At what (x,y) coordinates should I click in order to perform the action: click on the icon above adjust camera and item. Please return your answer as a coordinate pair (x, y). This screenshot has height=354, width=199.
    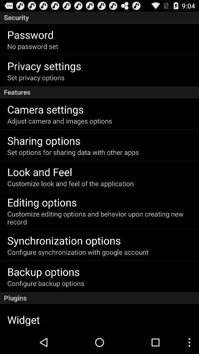
    Looking at the image, I should click on (45, 109).